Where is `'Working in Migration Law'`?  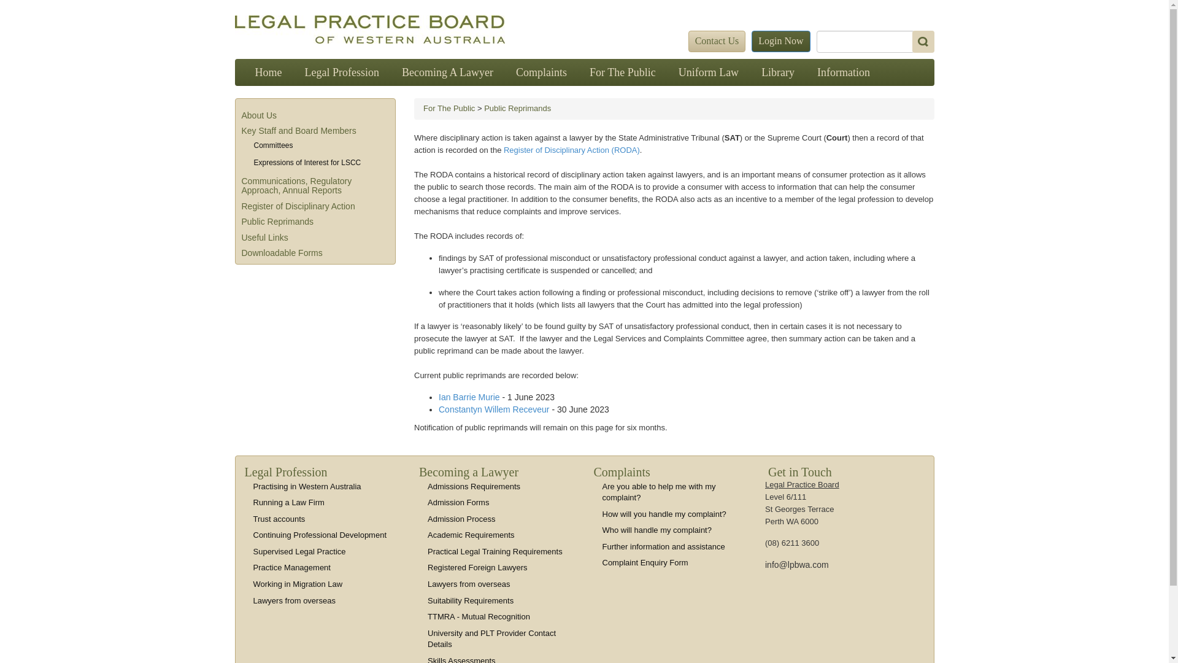
'Working in Migration Law' is located at coordinates (297, 583).